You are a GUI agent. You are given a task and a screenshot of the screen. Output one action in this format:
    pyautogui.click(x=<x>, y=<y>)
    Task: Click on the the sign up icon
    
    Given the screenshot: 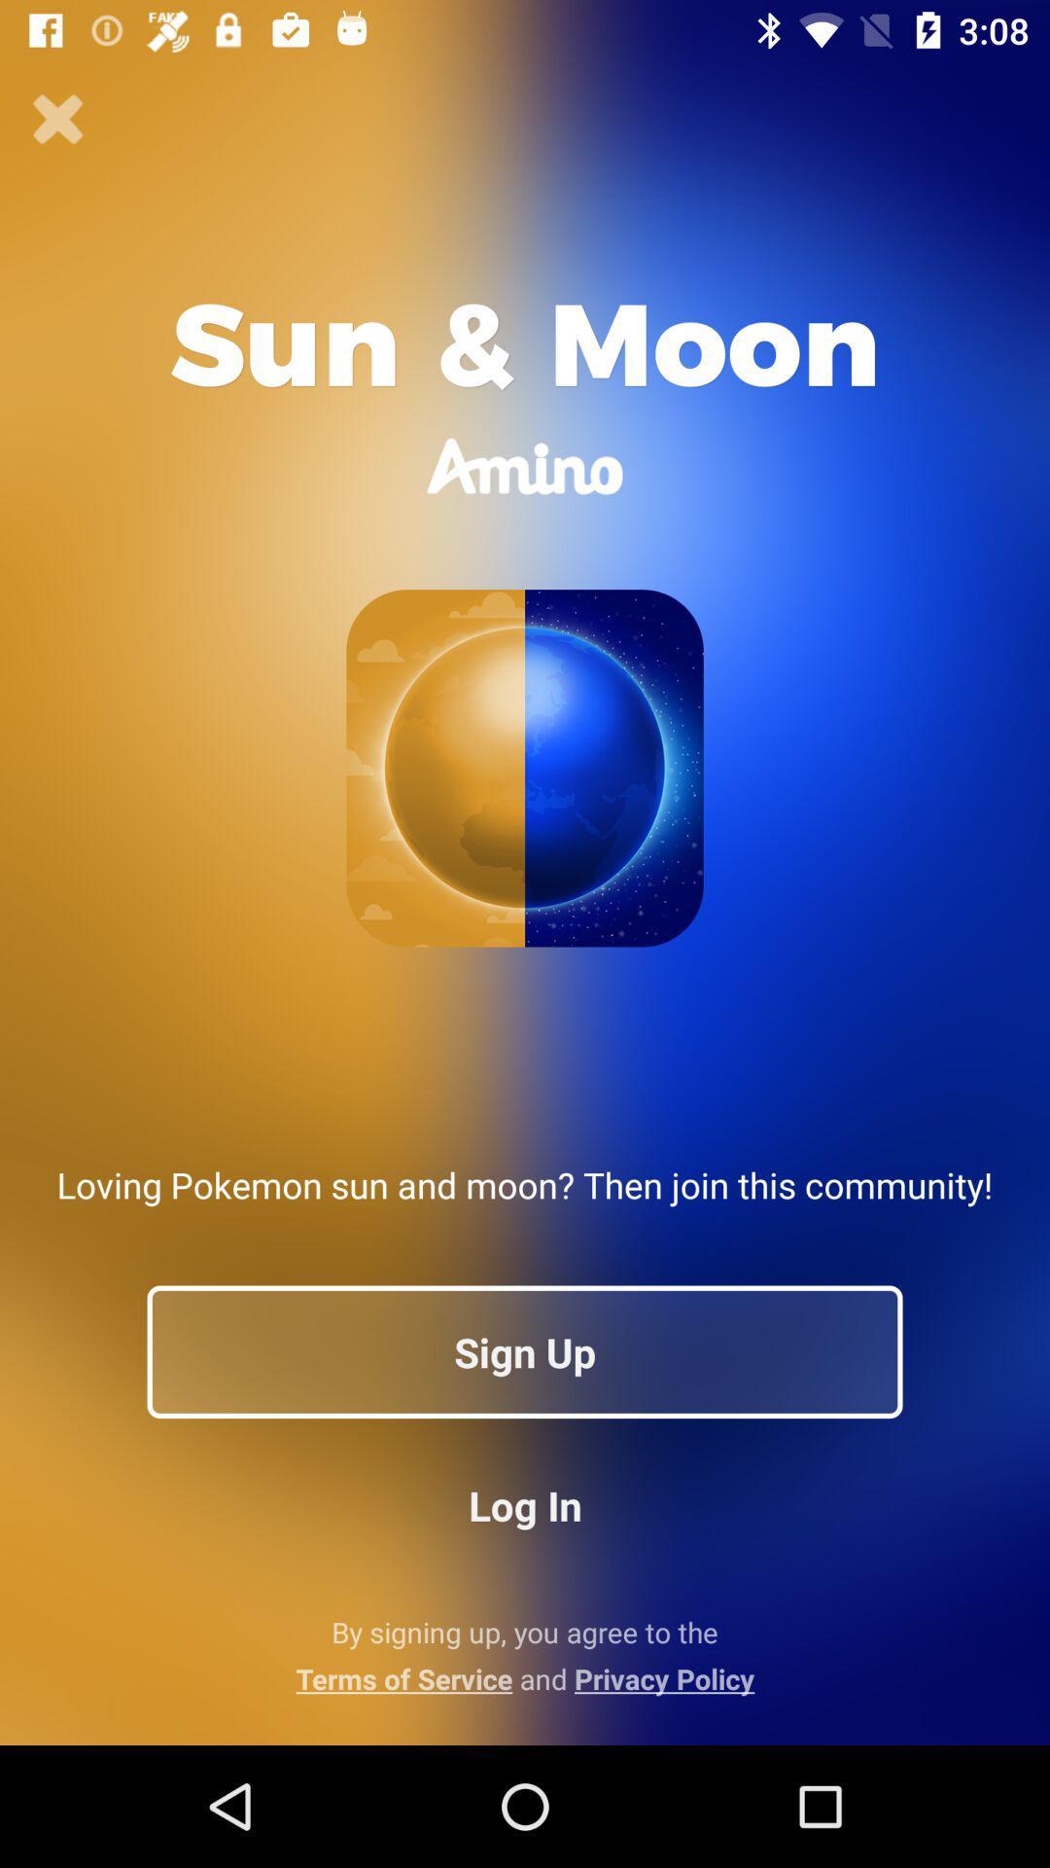 What is the action you would take?
    pyautogui.click(x=525, y=1350)
    